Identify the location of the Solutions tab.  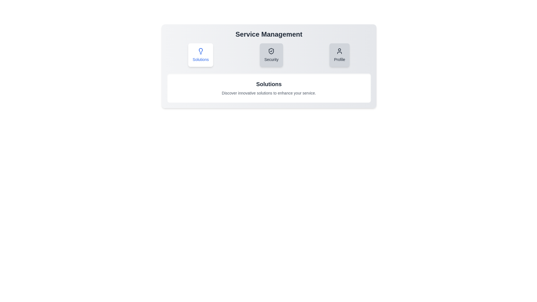
(201, 55).